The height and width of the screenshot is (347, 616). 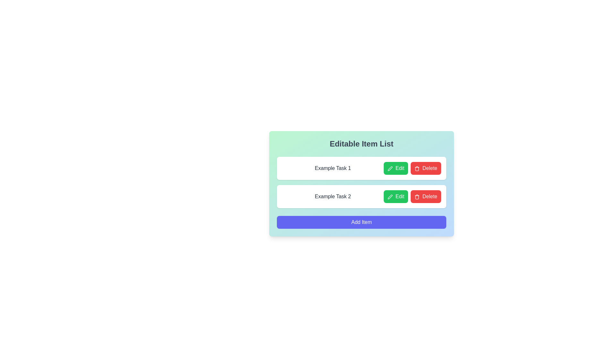 I want to click on the pen-shaped icon within the green 'Edit' button of the second row in the list labeled 'Example Task 2', so click(x=390, y=196).